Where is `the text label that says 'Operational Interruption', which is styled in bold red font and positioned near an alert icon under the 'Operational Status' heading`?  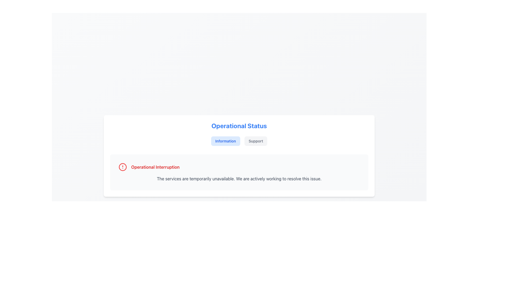 the text label that says 'Operational Interruption', which is styled in bold red font and positioned near an alert icon under the 'Operational Status' heading is located at coordinates (155, 167).